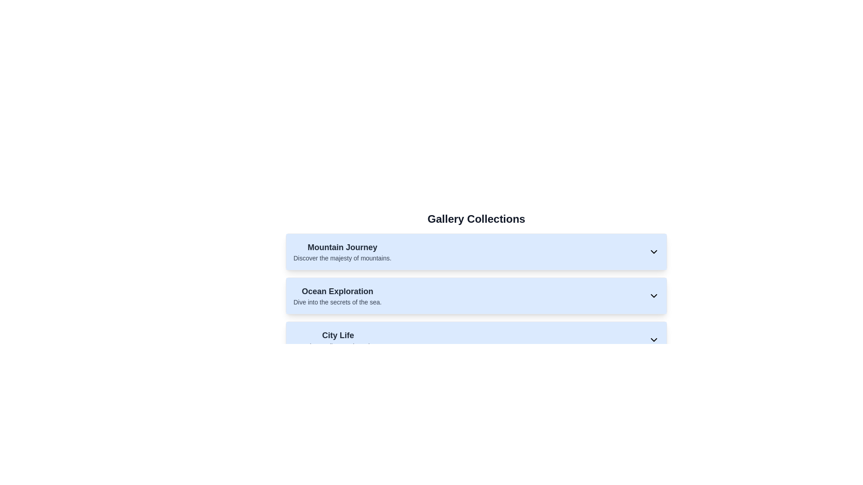 This screenshot has width=863, height=485. What do you see at coordinates (342, 247) in the screenshot?
I see `the static header text indicating the title or primary topic of the associated content in the gallery view` at bounding box center [342, 247].